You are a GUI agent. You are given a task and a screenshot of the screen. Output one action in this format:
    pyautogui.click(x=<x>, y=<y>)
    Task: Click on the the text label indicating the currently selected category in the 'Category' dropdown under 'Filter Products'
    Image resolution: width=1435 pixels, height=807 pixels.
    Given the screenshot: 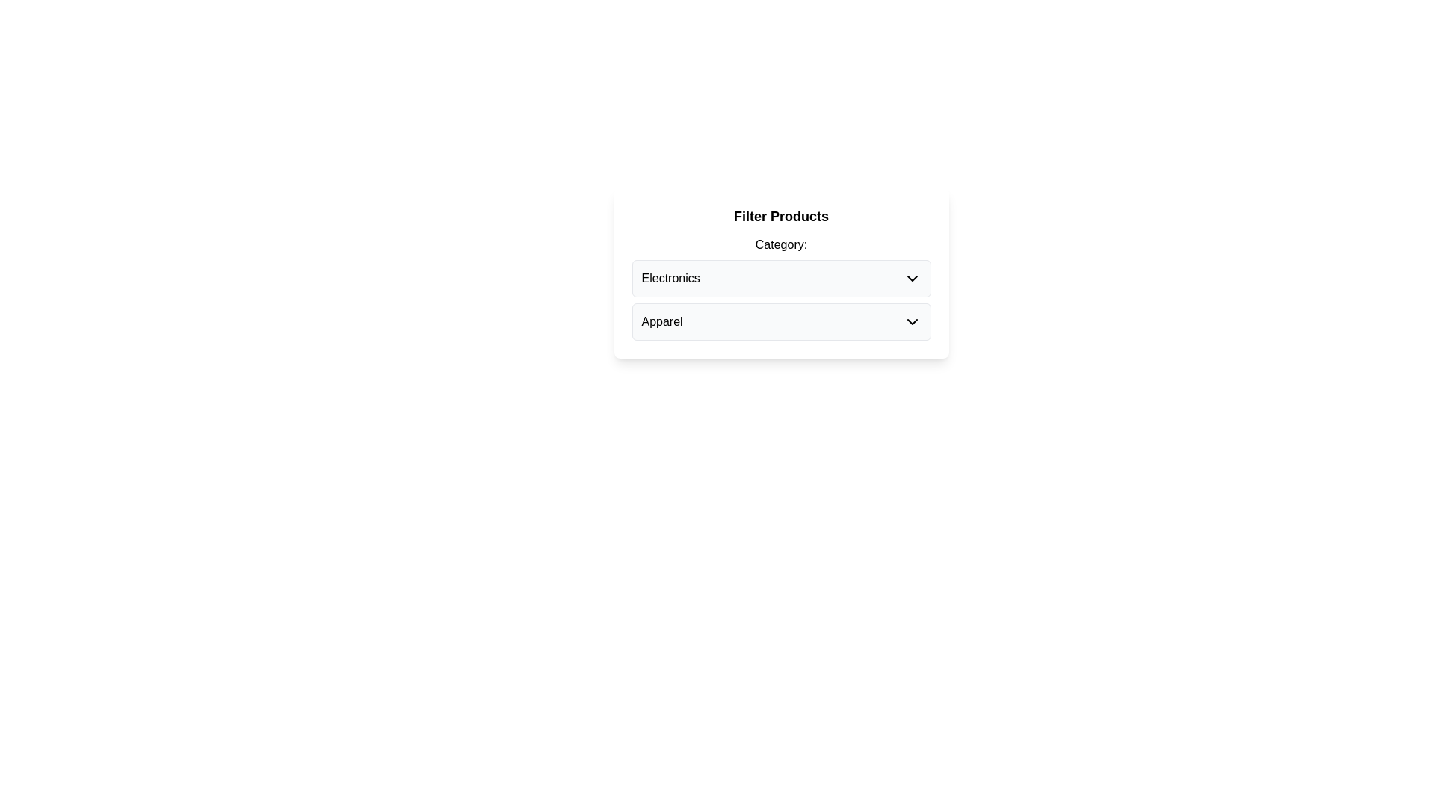 What is the action you would take?
    pyautogui.click(x=670, y=279)
    